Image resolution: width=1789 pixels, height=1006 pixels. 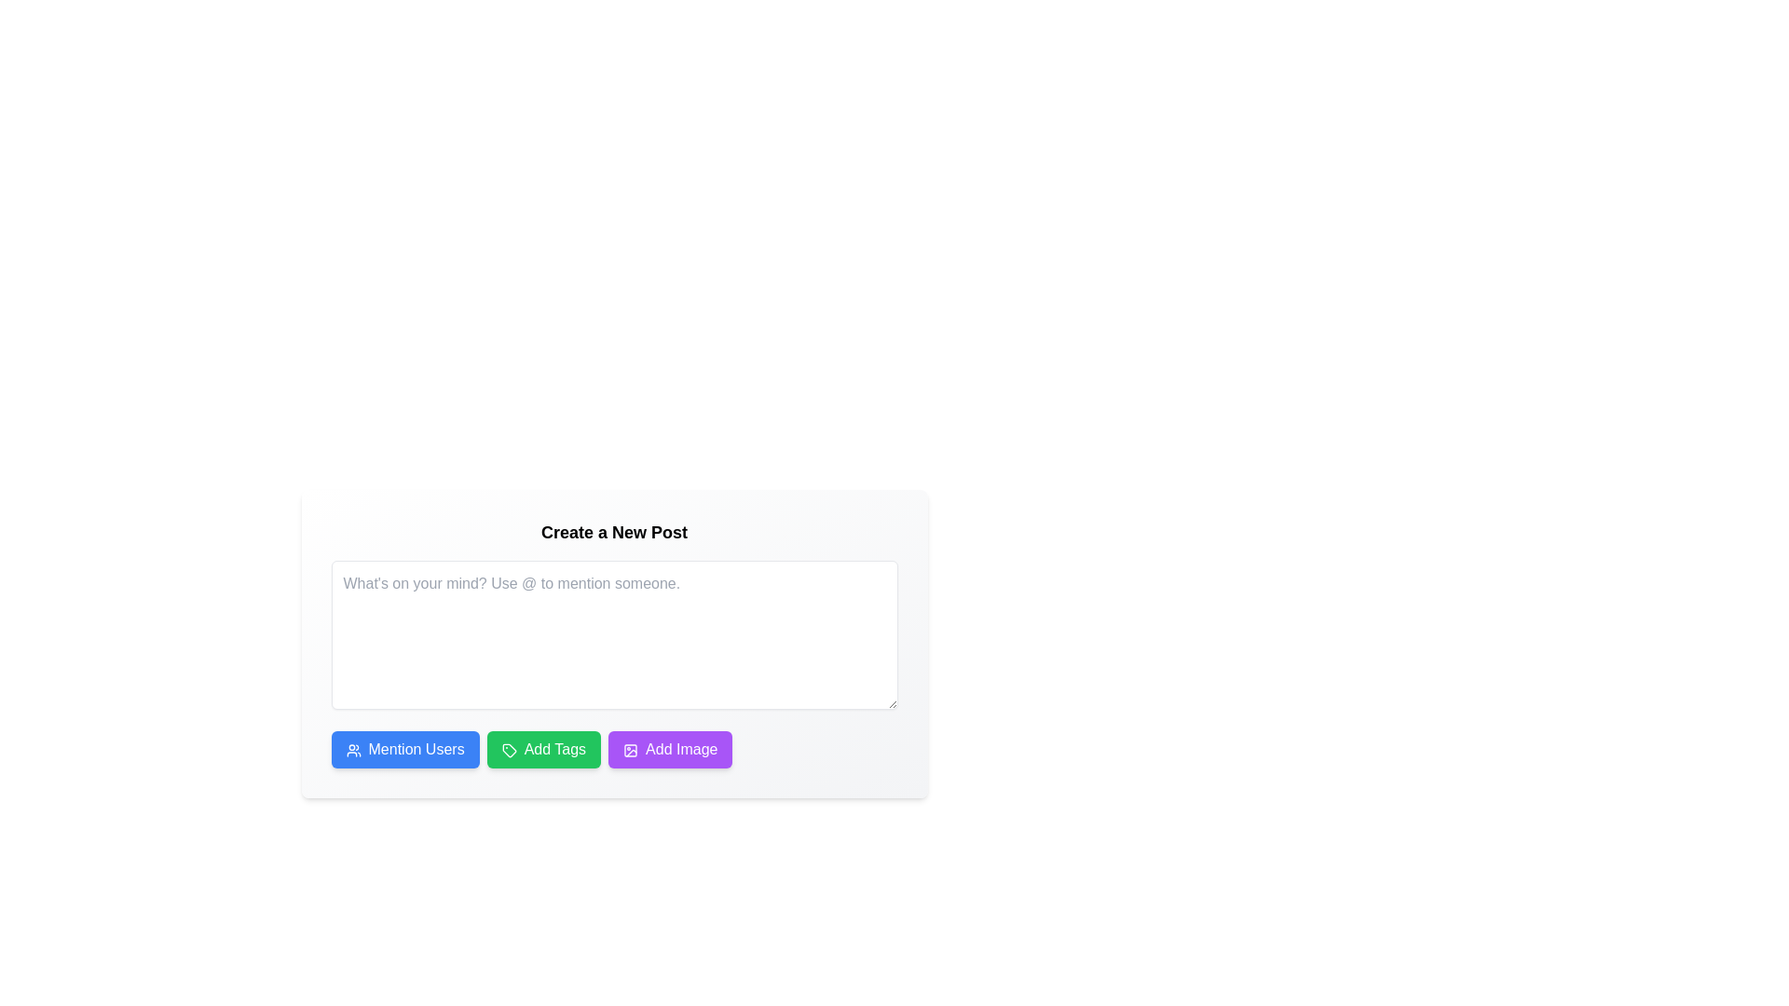 What do you see at coordinates (353, 749) in the screenshot?
I see `the 'Mention Users' button, which is identified by the icon located to the left of the button's text label` at bounding box center [353, 749].